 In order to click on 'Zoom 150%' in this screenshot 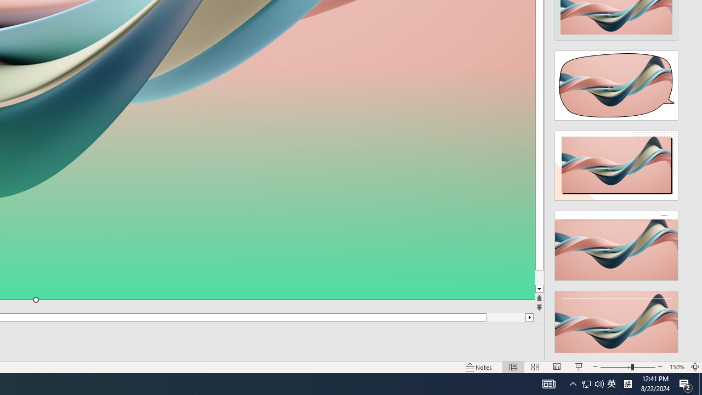, I will do `click(676, 367)`.